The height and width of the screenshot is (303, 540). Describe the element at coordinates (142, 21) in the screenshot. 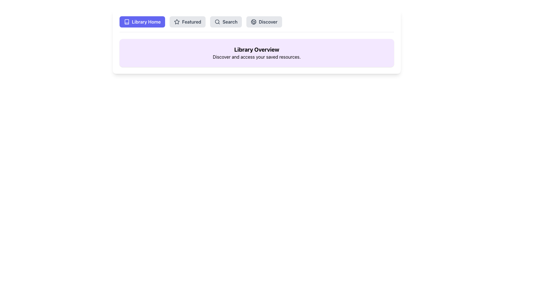

I see `the 'Library Home' button for keyboard navigation` at that location.